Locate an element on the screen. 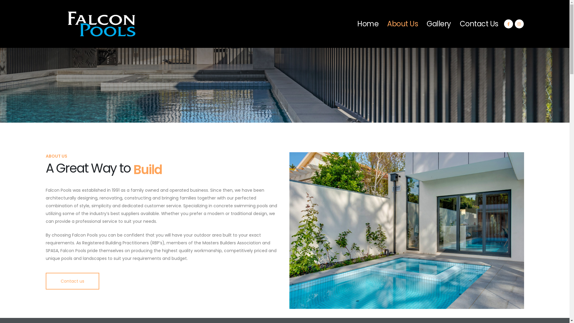 The width and height of the screenshot is (574, 323). 'Home' is located at coordinates (353, 24).